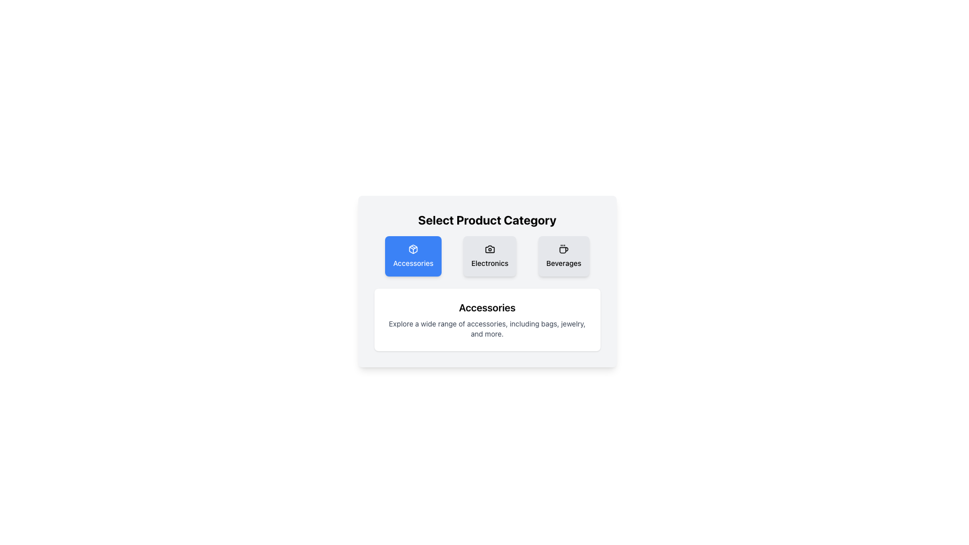  What do you see at coordinates (490, 249) in the screenshot?
I see `the small monochromatic camera icon located at the top center of the 'Electronics' tab, positioned above the 'Electronics' text label` at bounding box center [490, 249].